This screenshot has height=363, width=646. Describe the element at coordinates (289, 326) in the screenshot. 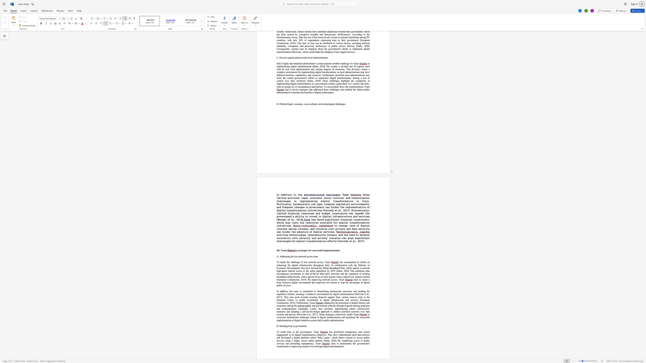

I see `the 1th character "r" in the text` at that location.